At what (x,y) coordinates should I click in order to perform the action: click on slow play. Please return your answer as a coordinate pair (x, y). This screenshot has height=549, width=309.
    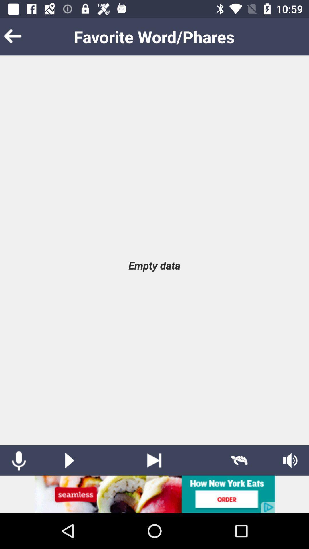
    Looking at the image, I should click on (239, 460).